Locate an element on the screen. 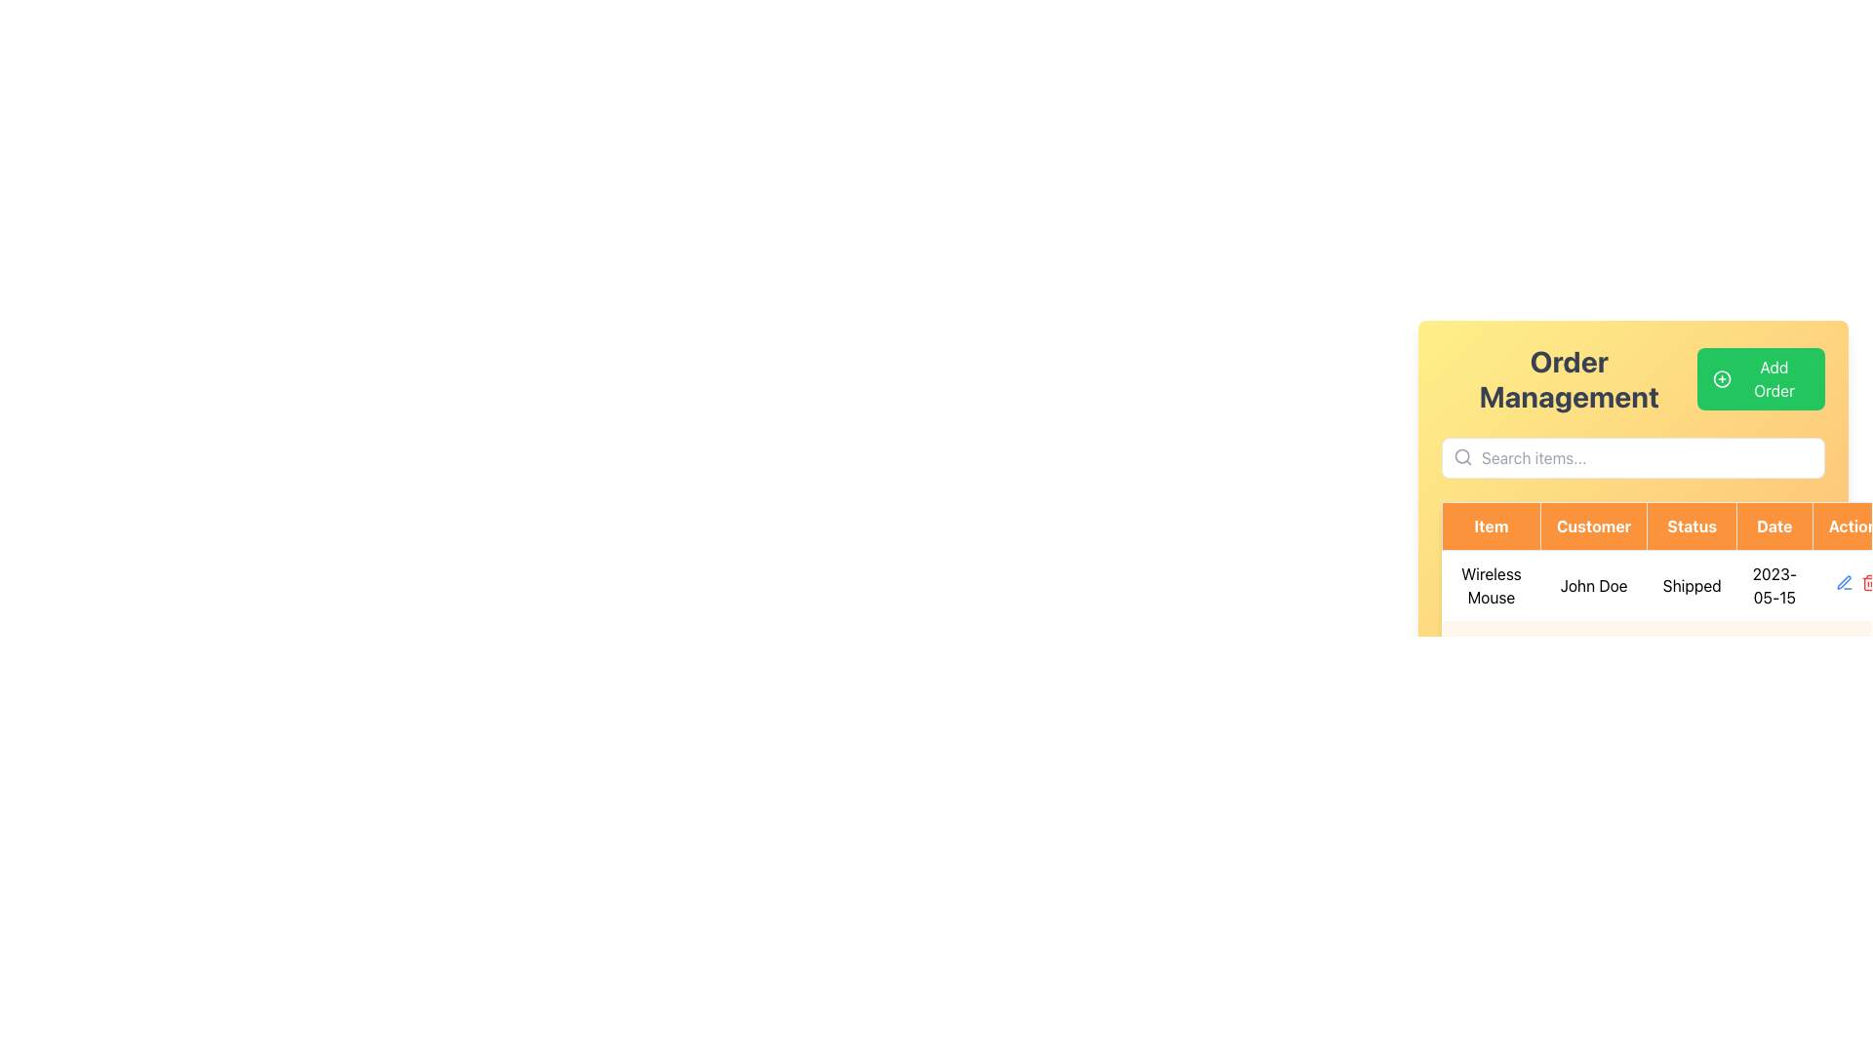 Image resolution: width=1873 pixels, height=1053 pixels. the Table Header Cell with an orange background containing the text 'Date' in white, which is located in the fourth column of the table header is located at coordinates (1774, 526).